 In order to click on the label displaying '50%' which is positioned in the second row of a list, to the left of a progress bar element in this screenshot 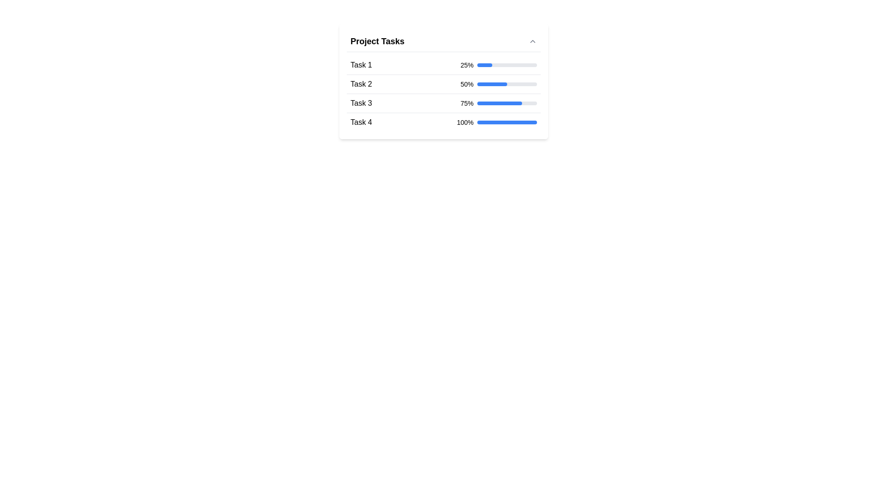, I will do `click(467, 84)`.